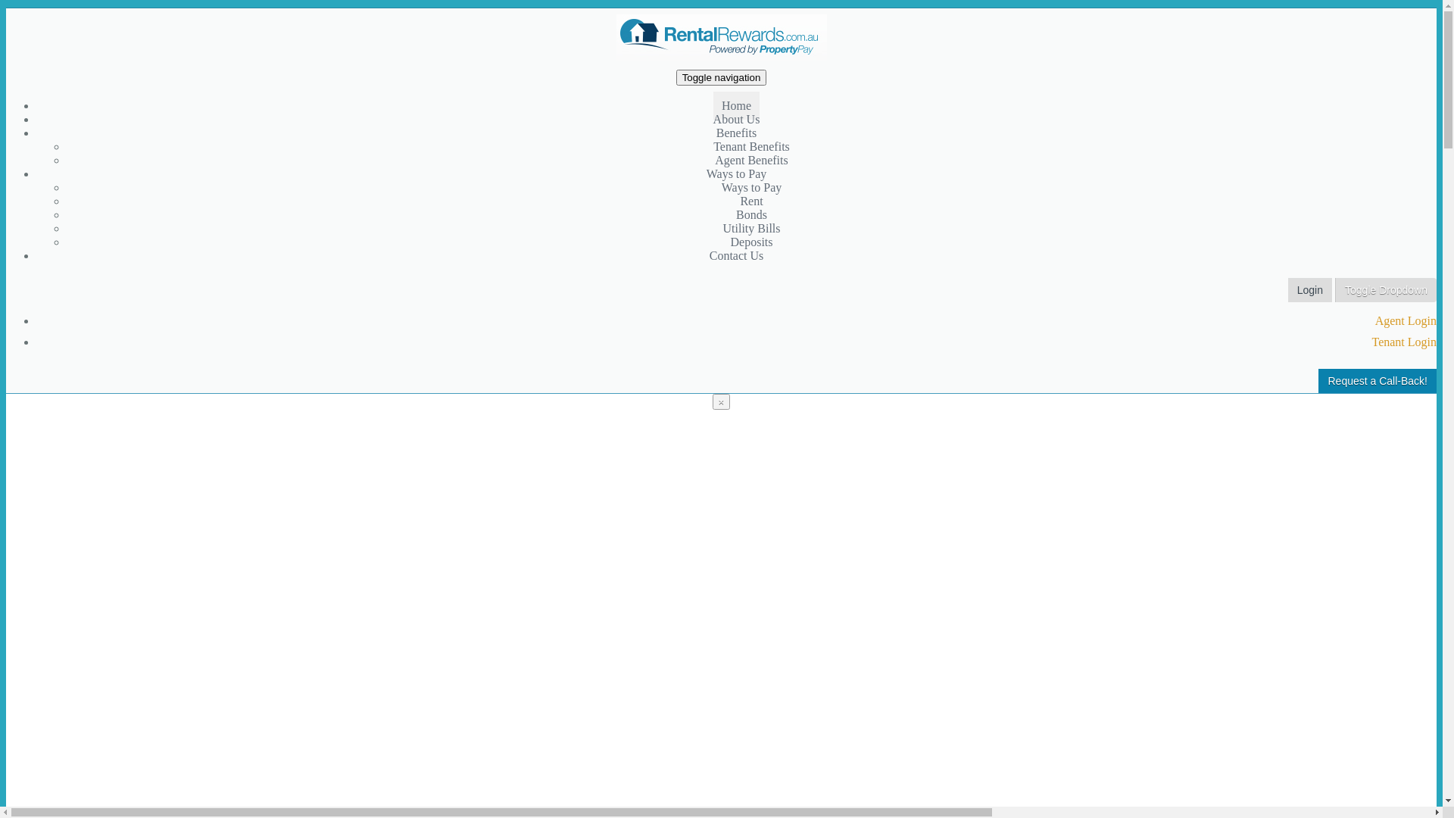 This screenshot has height=818, width=1454. I want to click on 'Ways to Pay', so click(737, 173).